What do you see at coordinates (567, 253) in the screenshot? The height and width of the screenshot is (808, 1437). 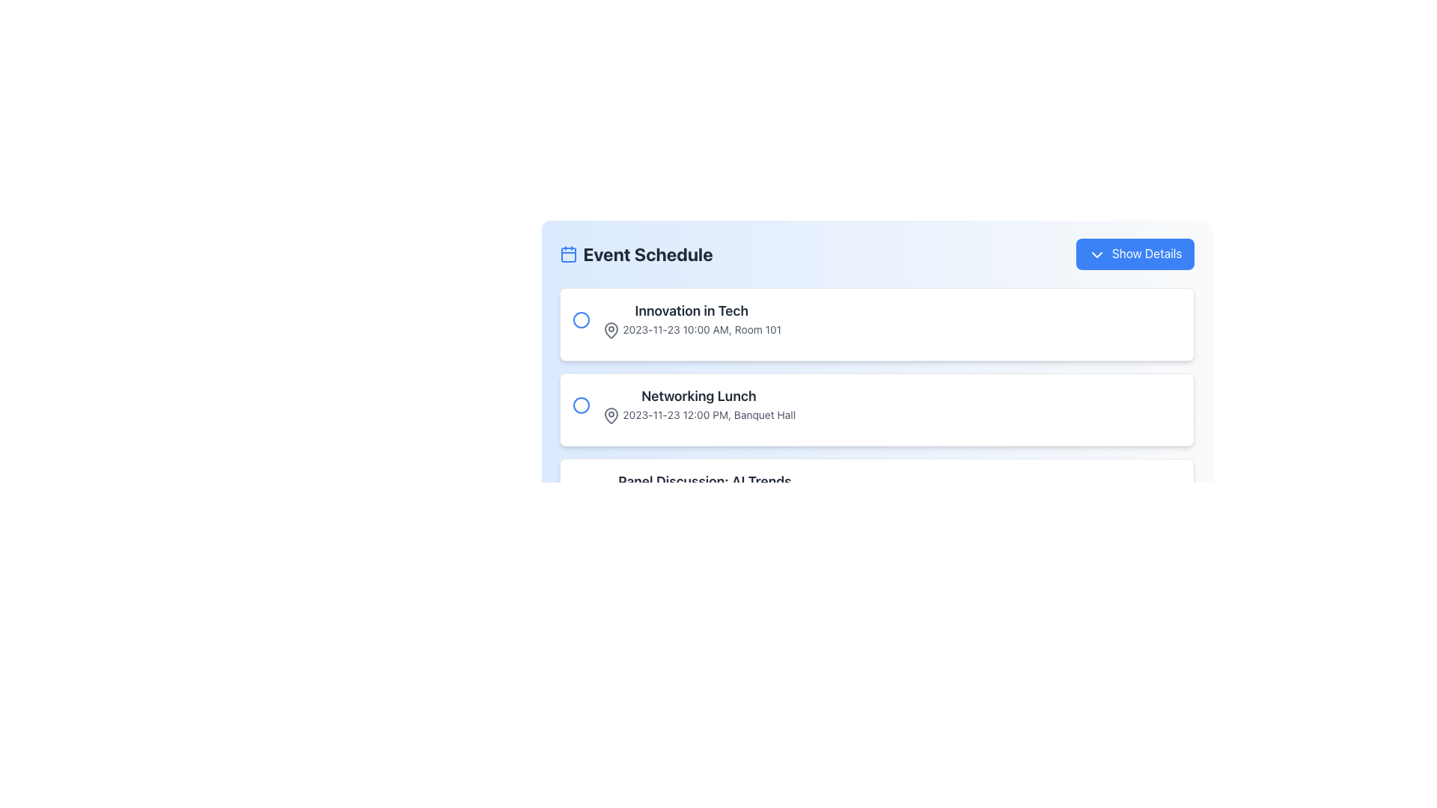 I see `the blue calendar icon located to the left of the text 'Event Schedule' in the header section by moving the cursor to its center point` at bounding box center [567, 253].